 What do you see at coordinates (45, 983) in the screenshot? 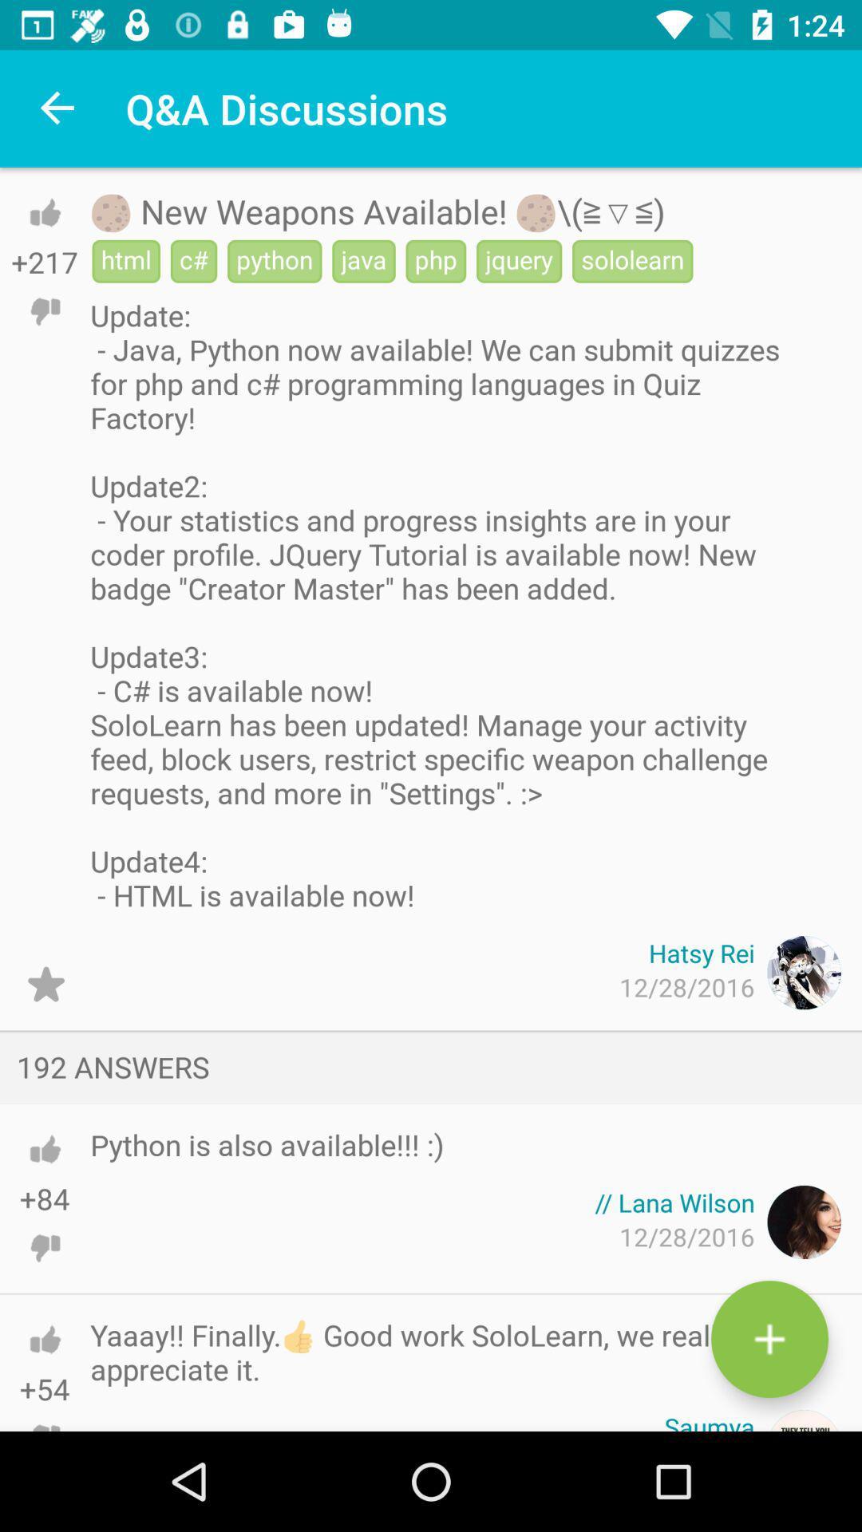
I see `item next to the 12/28/2016` at bounding box center [45, 983].